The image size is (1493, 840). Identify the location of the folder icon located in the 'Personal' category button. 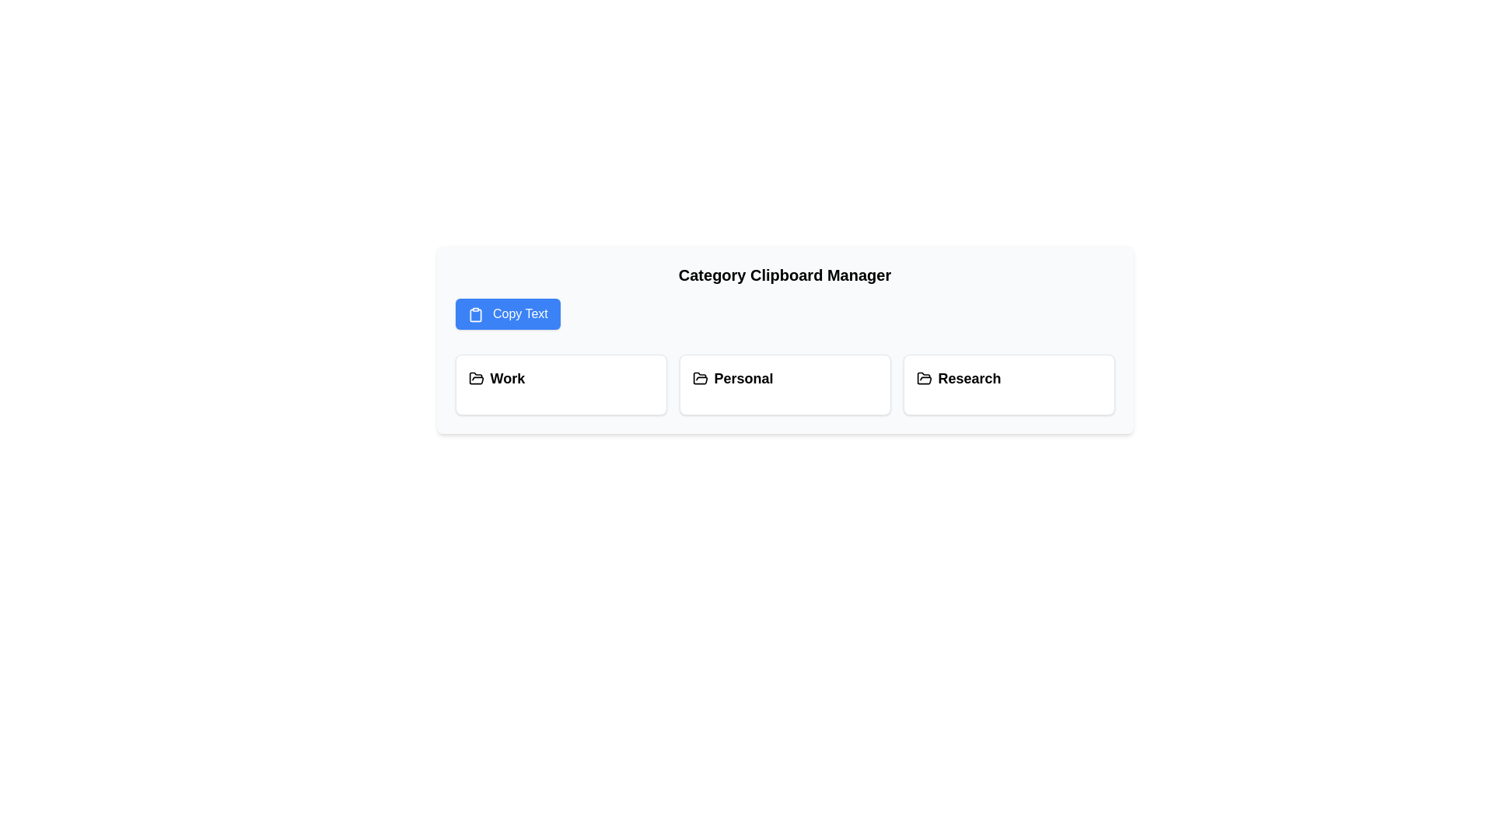
(699, 378).